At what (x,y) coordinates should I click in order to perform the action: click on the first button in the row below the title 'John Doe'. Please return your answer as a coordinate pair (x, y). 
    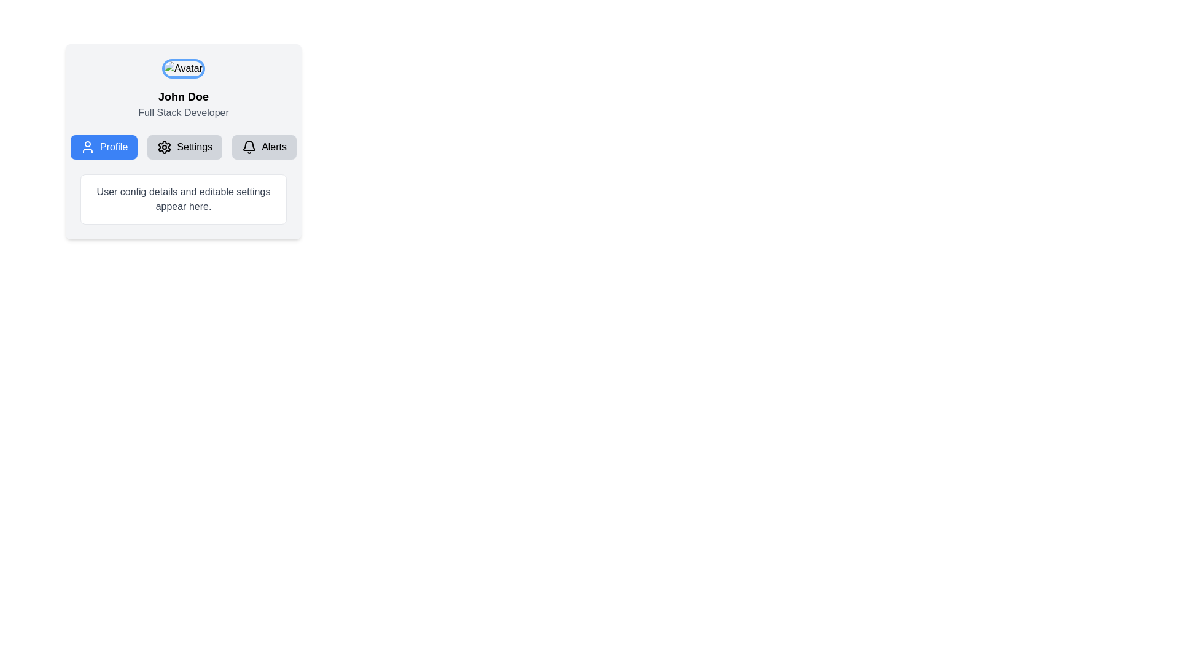
    Looking at the image, I should click on (104, 146).